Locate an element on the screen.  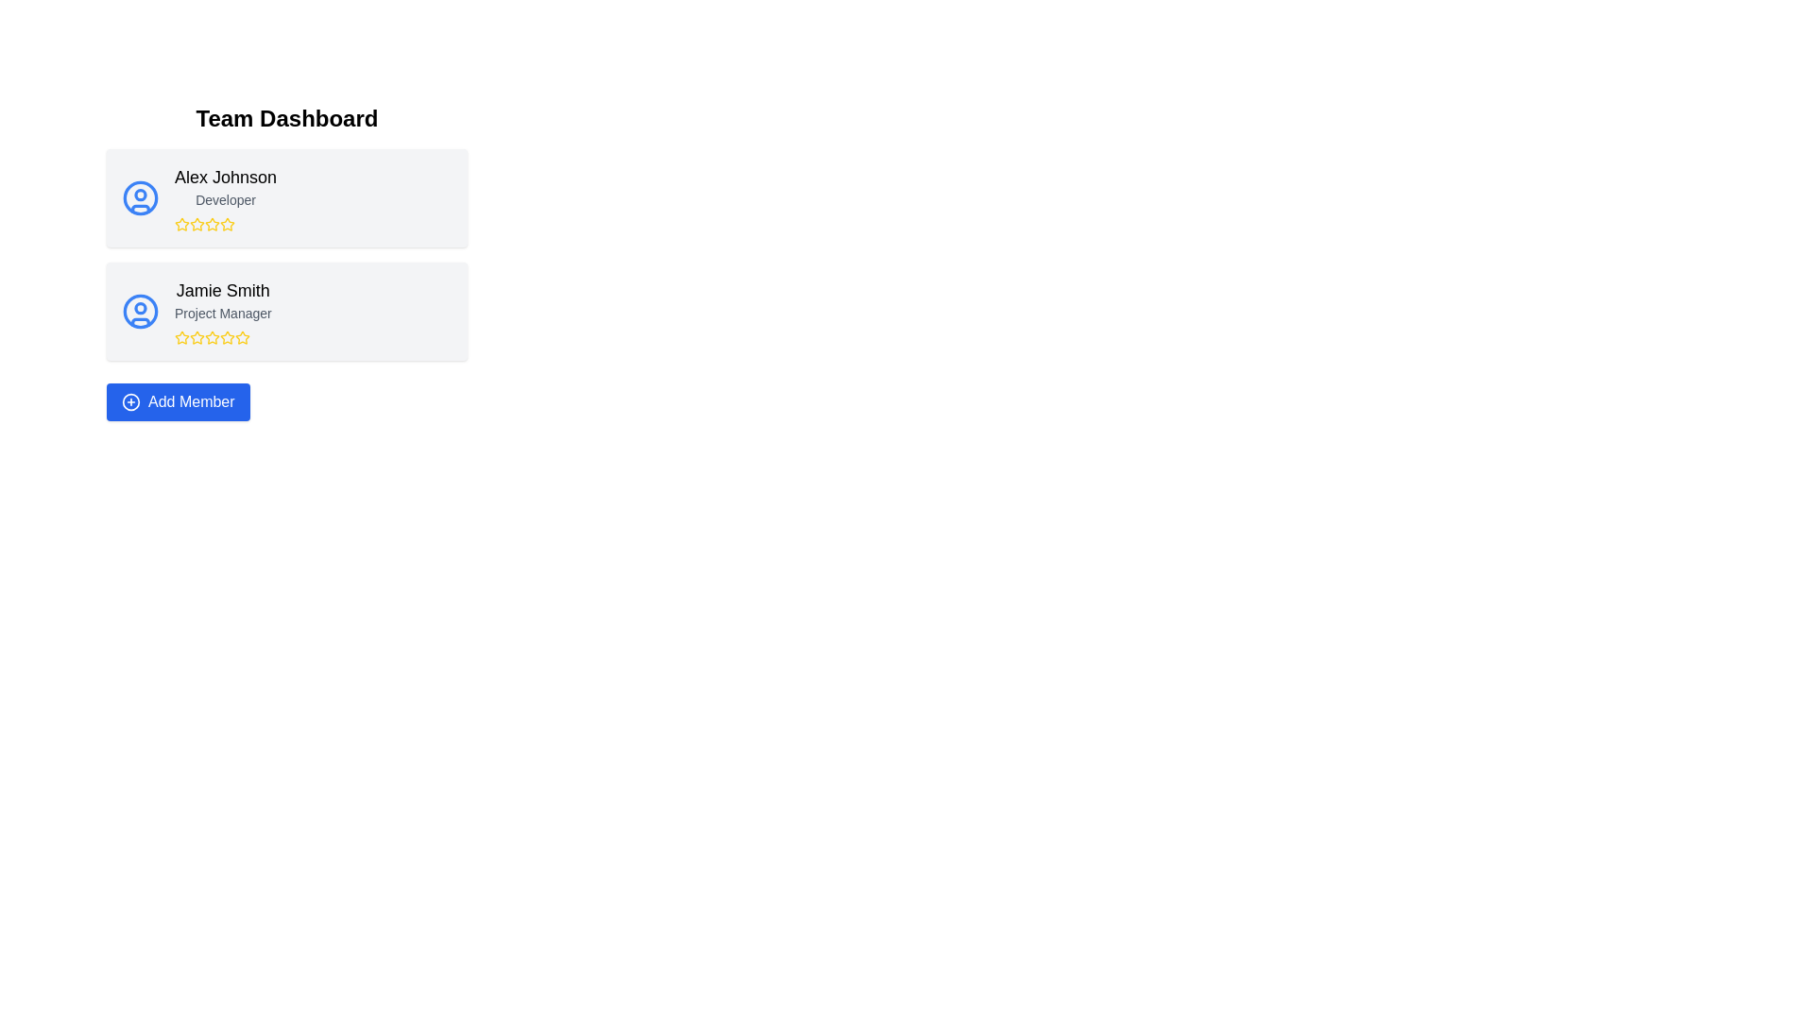
the fourth star rating icon representing 'Alex Johnson' is located at coordinates (213, 224).